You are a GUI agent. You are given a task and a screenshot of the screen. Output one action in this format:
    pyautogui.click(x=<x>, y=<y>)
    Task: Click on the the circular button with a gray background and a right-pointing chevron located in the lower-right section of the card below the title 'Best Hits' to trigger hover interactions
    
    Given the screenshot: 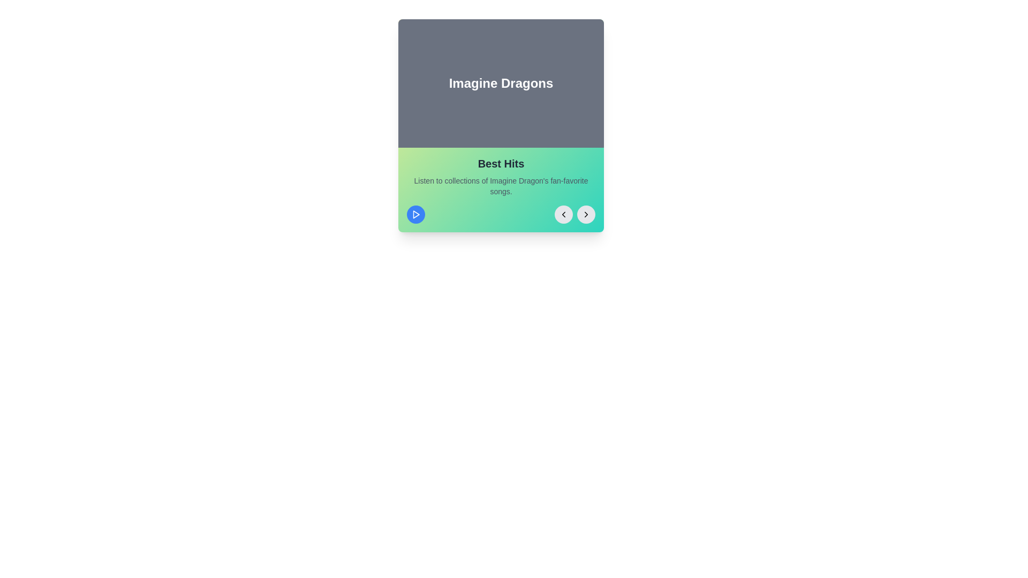 What is the action you would take?
    pyautogui.click(x=585, y=215)
    